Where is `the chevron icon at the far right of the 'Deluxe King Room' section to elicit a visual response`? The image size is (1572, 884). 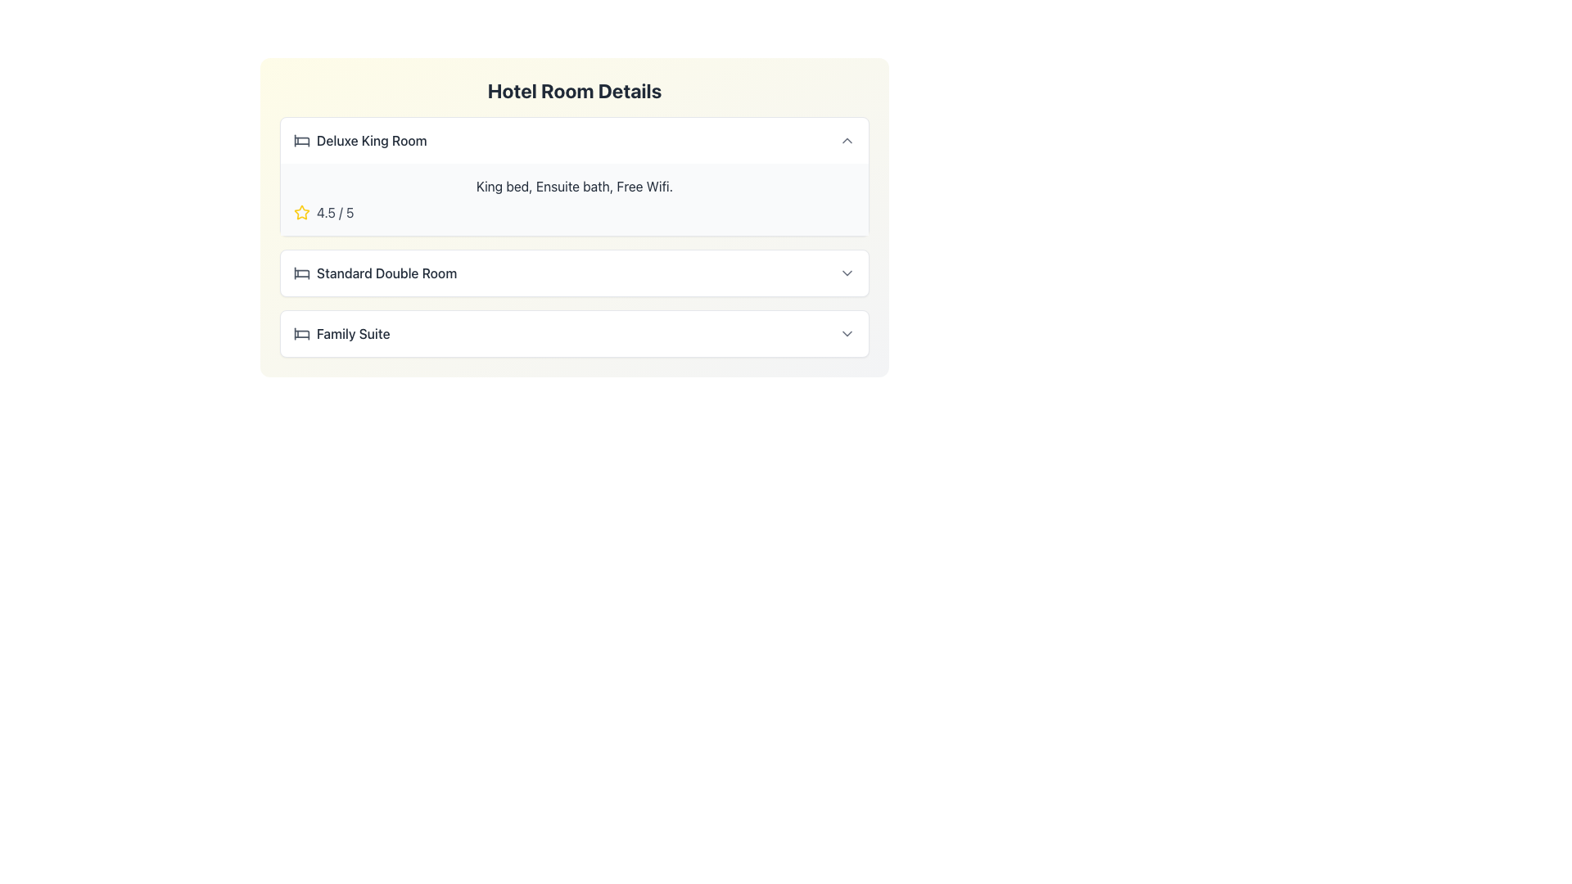
the chevron icon at the far right of the 'Deluxe King Room' section to elicit a visual response is located at coordinates (847, 140).